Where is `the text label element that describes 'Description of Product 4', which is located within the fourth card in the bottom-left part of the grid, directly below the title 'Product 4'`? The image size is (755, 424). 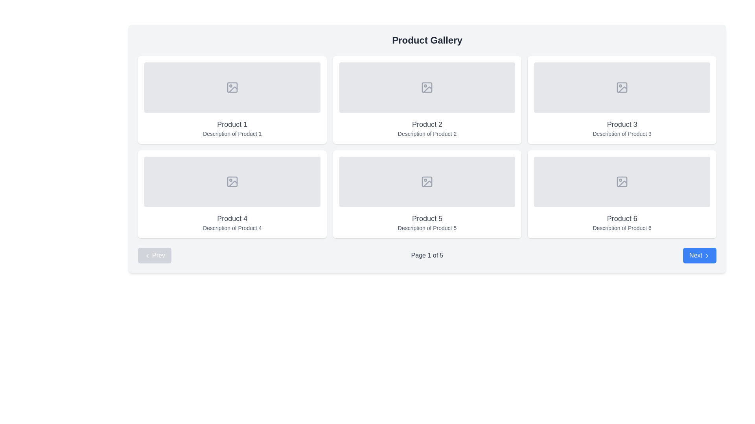 the text label element that describes 'Description of Product 4', which is located within the fourth card in the bottom-left part of the grid, directly below the title 'Product 4' is located at coordinates (232, 228).